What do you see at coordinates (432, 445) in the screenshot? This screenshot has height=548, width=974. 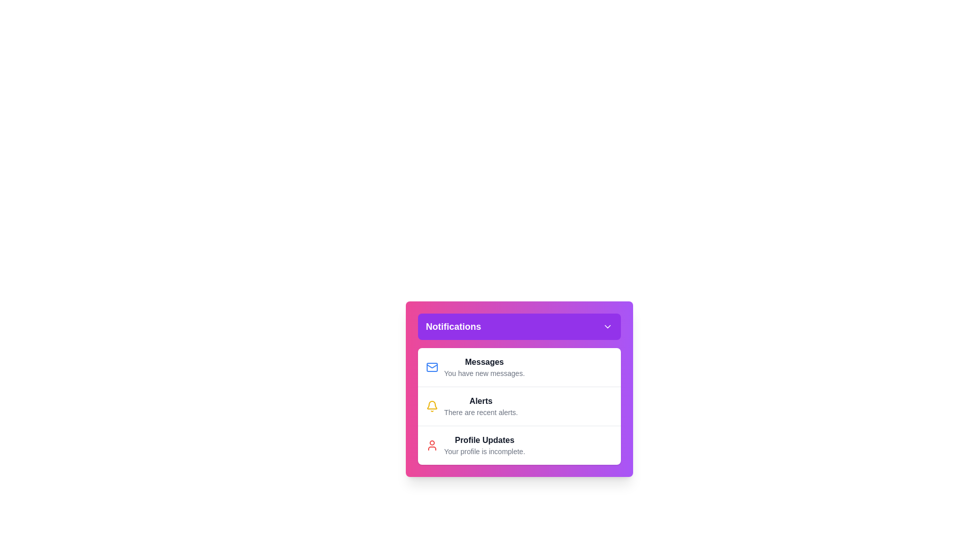 I see `the user-related updates icon located in the 'Profile Updates' notification row in the Notifications dropdown, positioned to the far left of the accompanying text 'Profile Updates'` at bounding box center [432, 445].